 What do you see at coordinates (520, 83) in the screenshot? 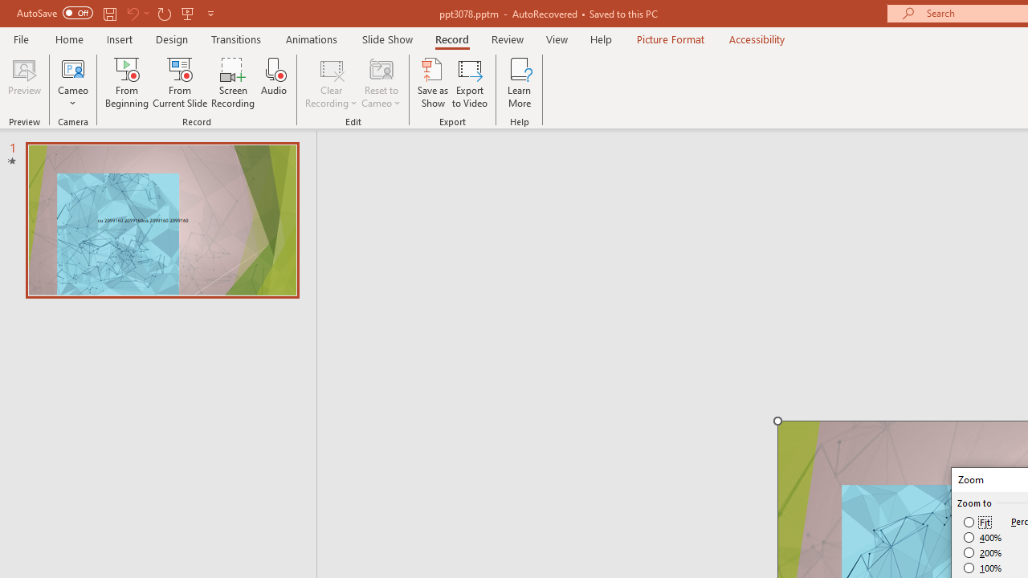
I see `'Learn More'` at bounding box center [520, 83].